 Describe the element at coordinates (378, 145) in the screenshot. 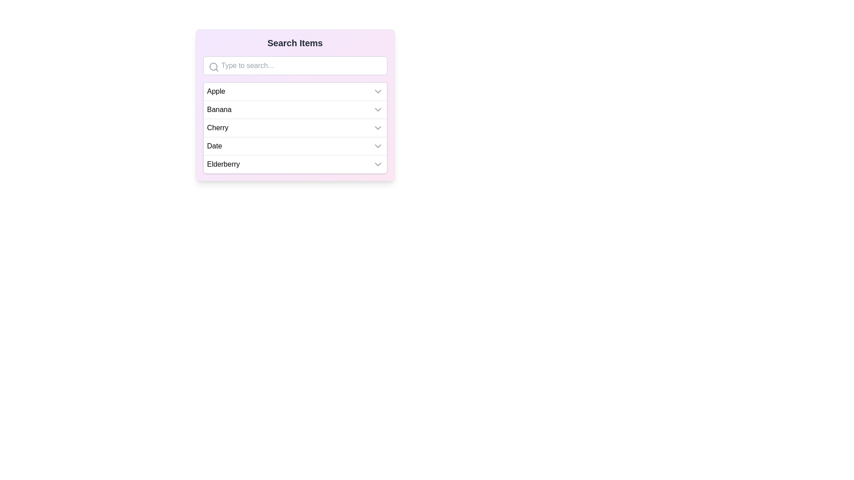

I see `the chevron icon located at the far right of the 'Date' entry in the list` at that location.